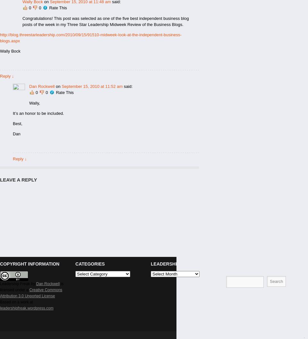 This screenshot has height=339, width=308. Describe the element at coordinates (0, 179) in the screenshot. I see `'Leave a Reply'` at that location.